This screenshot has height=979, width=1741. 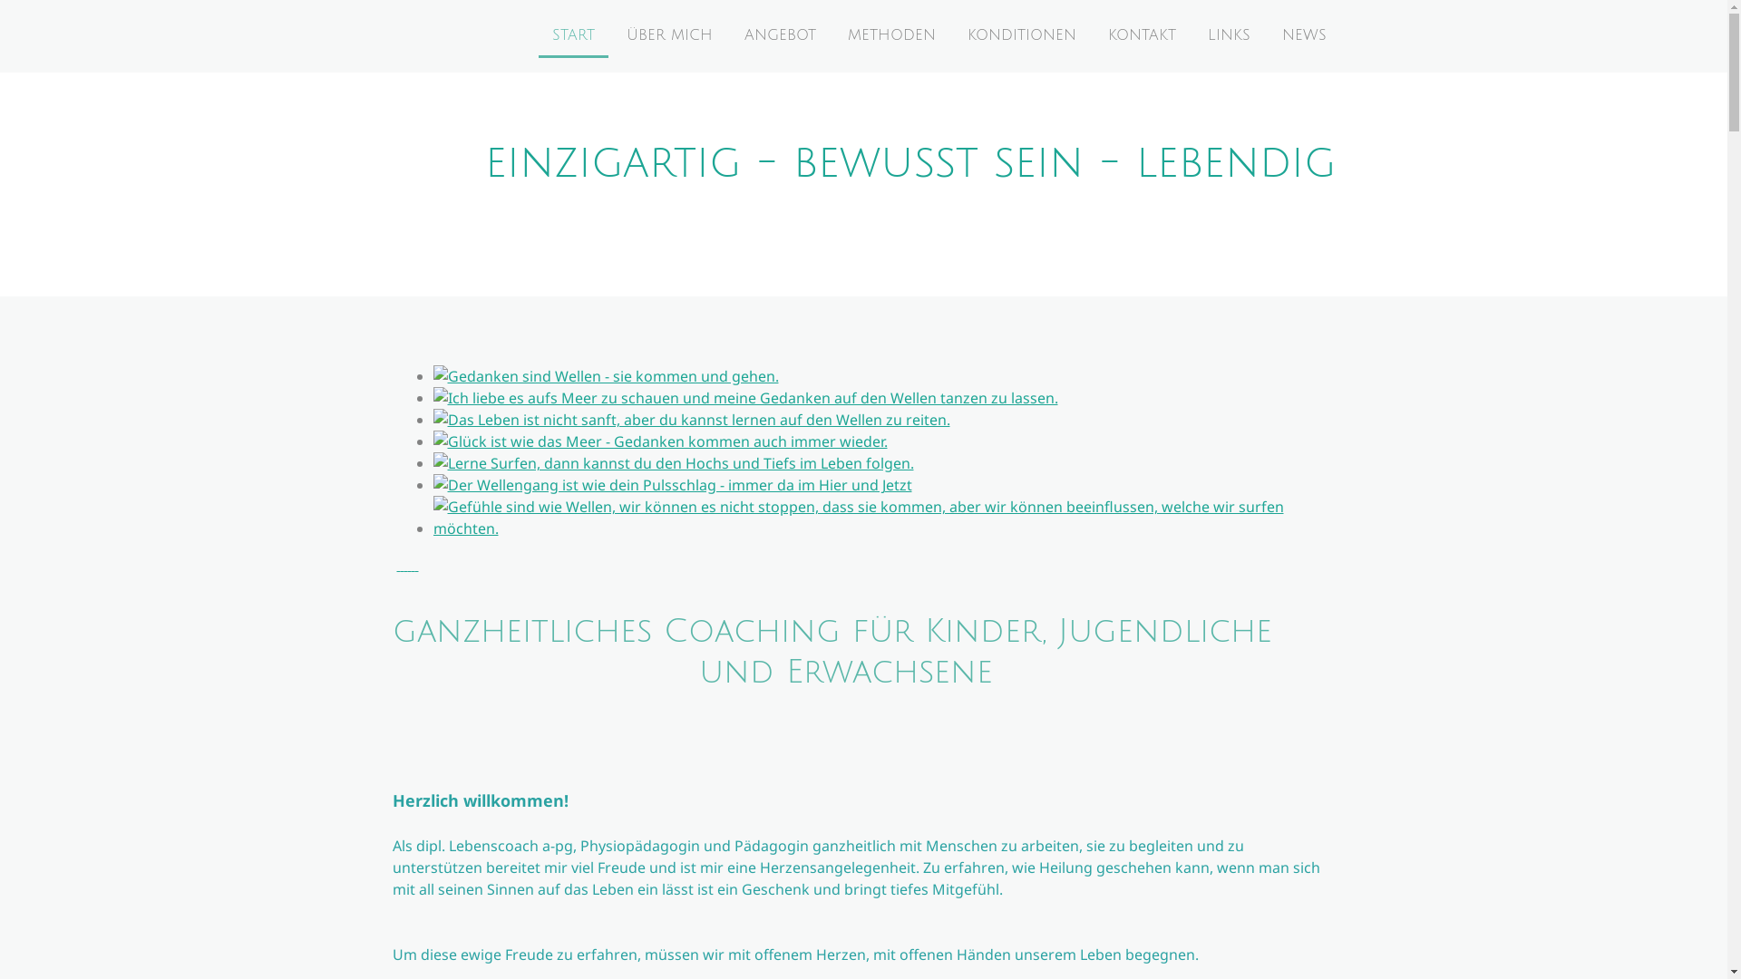 I want to click on 'KONTAKT', so click(x=1092, y=35).